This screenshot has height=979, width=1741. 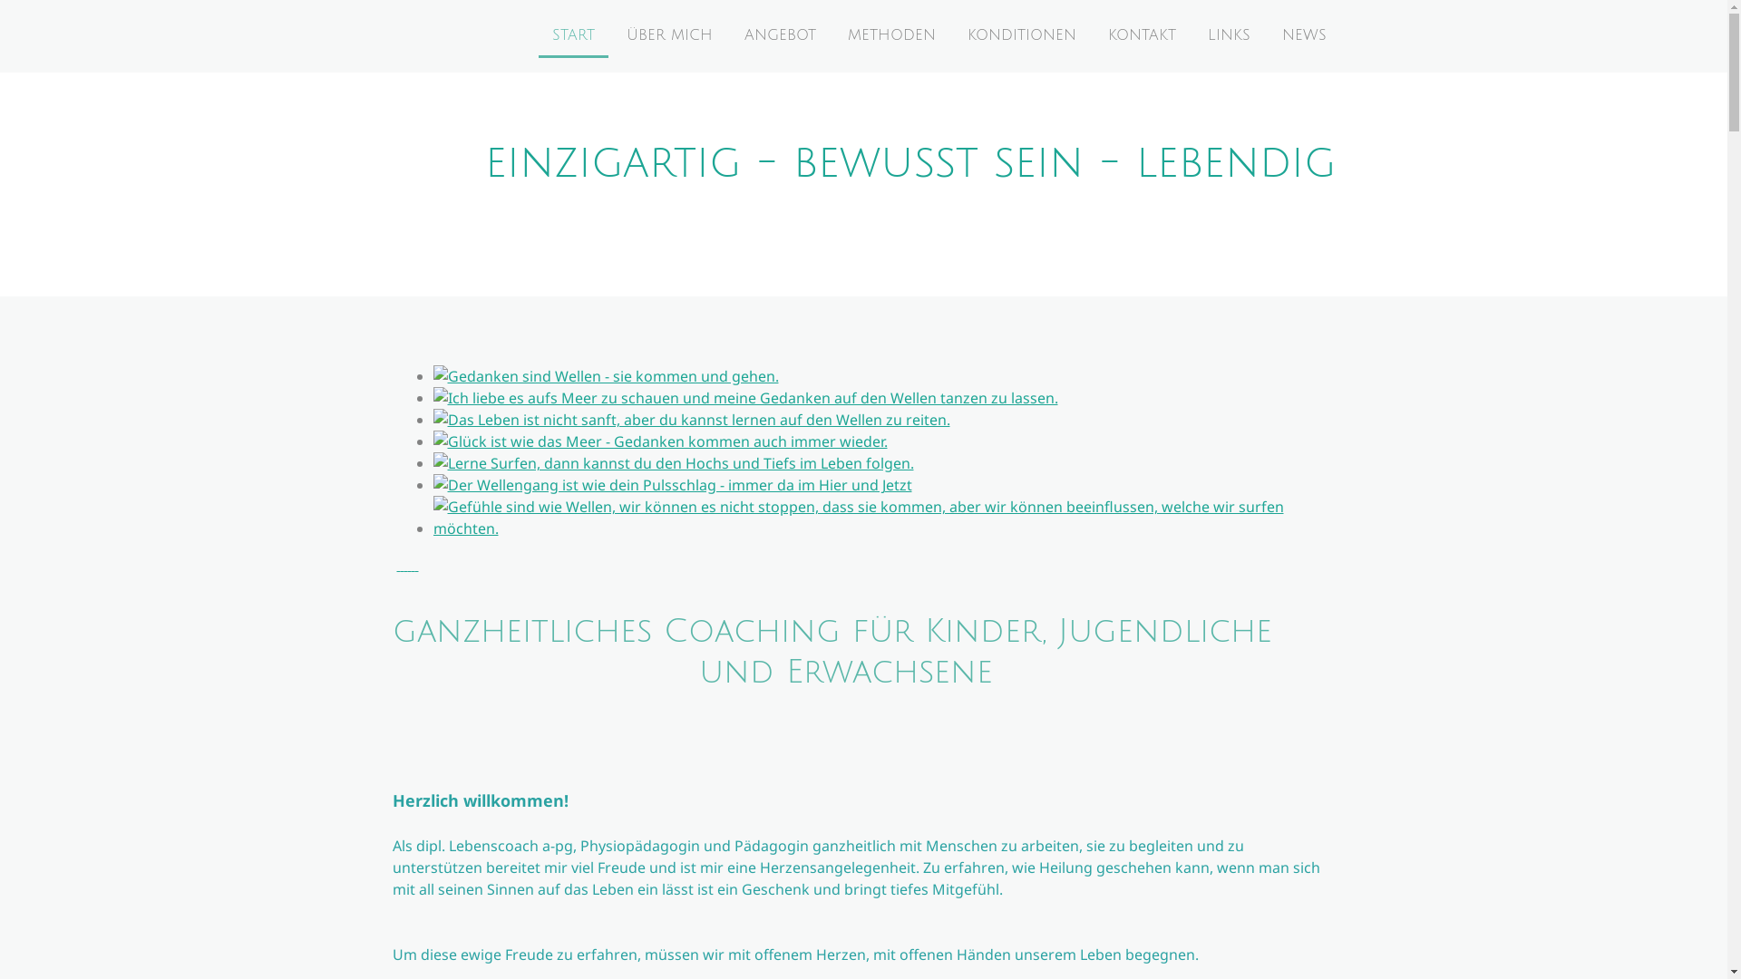 I want to click on 'KONTAKT', so click(x=1092, y=35).